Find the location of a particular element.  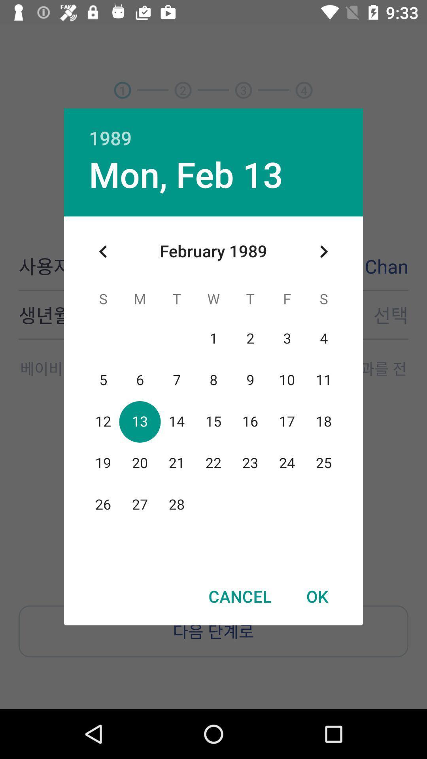

cancel icon is located at coordinates (240, 596).